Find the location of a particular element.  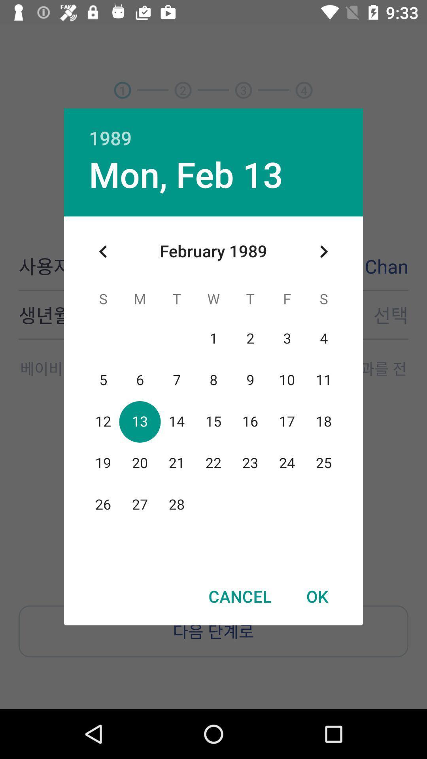

cancel icon is located at coordinates (240, 596).